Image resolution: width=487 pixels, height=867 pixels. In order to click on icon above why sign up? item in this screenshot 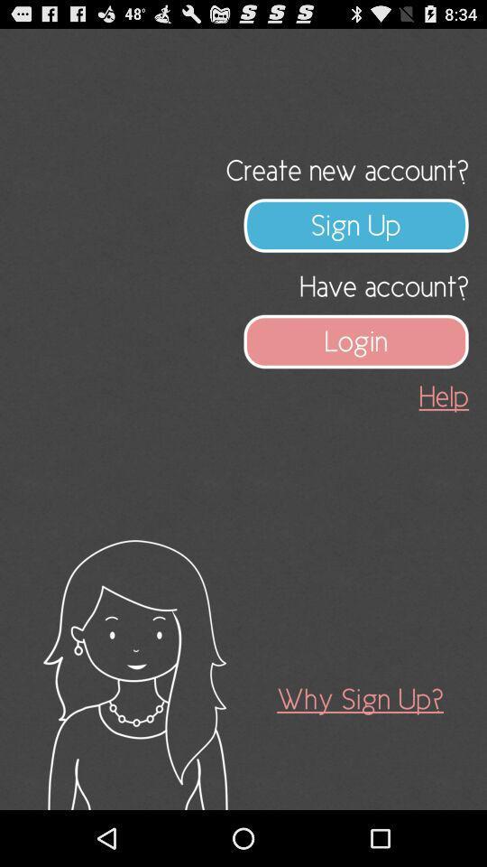, I will do `click(443, 396)`.